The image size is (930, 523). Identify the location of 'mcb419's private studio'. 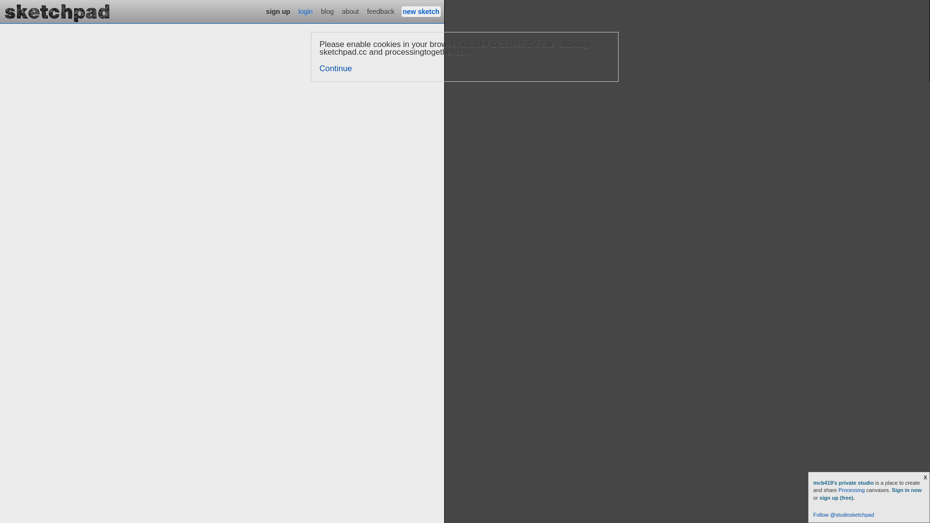
(843, 482).